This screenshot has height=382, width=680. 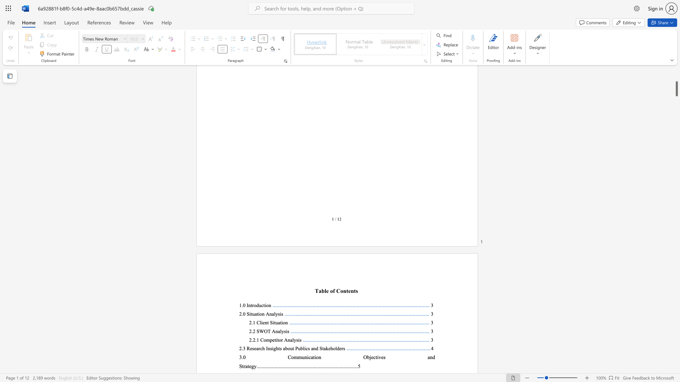 I want to click on the 1th character "i" in the text, so click(x=261, y=323).